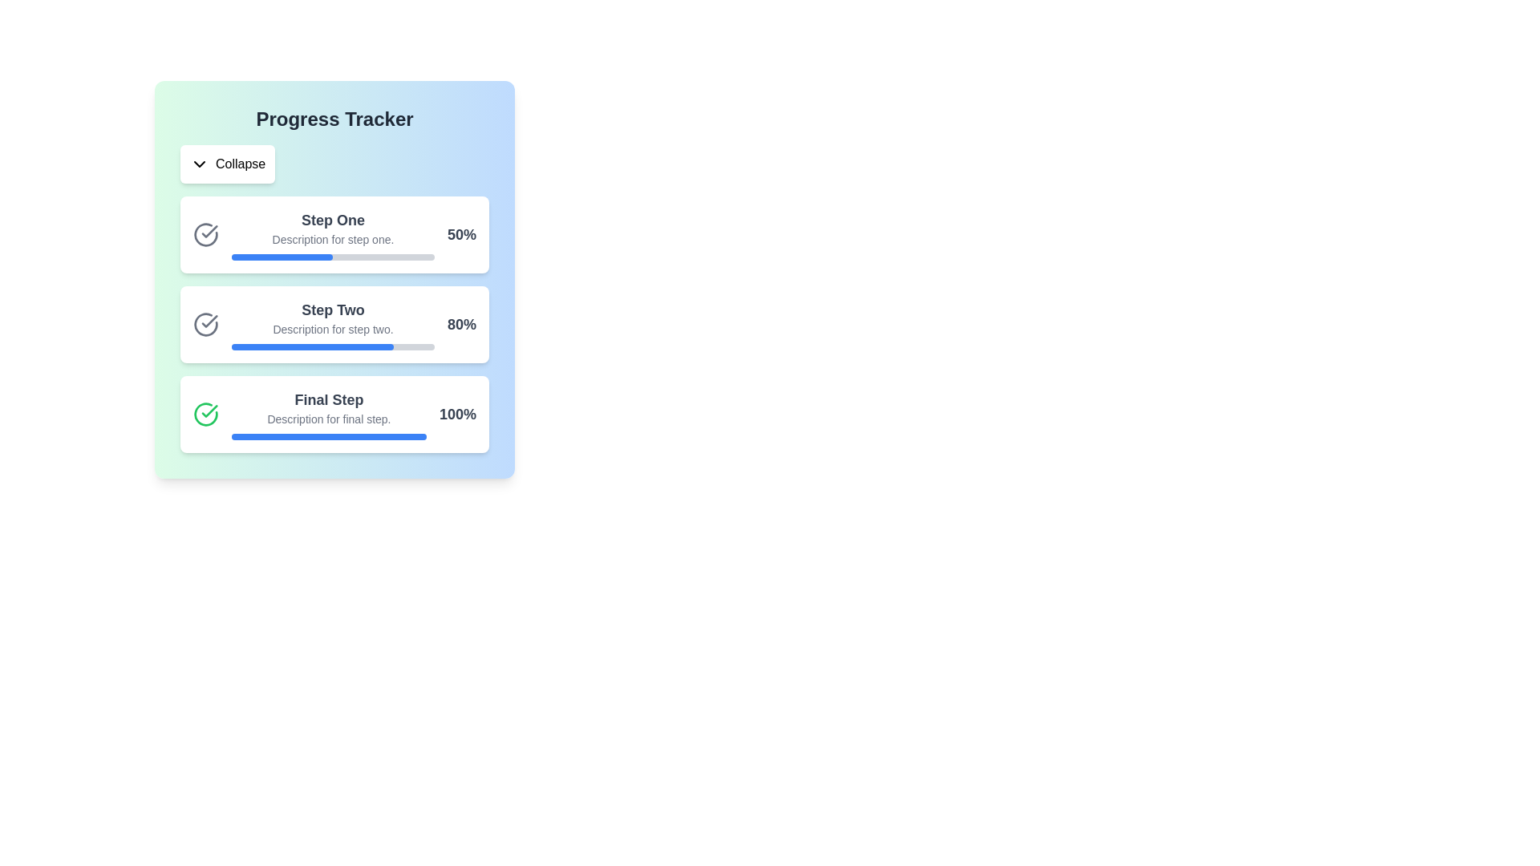  I want to click on the completion status icon for 'Step One' in the 'Progress Tracker' interface, located as the first icon on the left side of the 'Step One' card, so click(205, 235).